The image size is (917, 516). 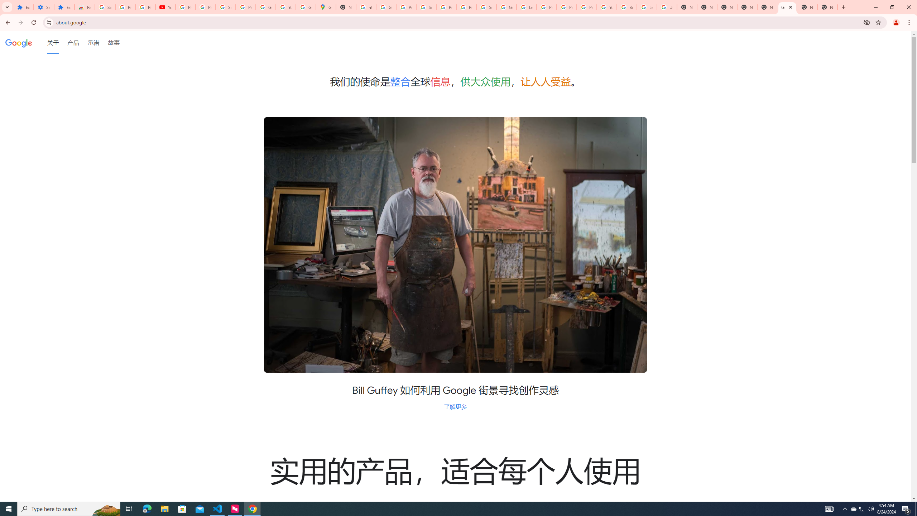 What do you see at coordinates (366, 7) in the screenshot?
I see `'https://scholar.google.com/'` at bounding box center [366, 7].